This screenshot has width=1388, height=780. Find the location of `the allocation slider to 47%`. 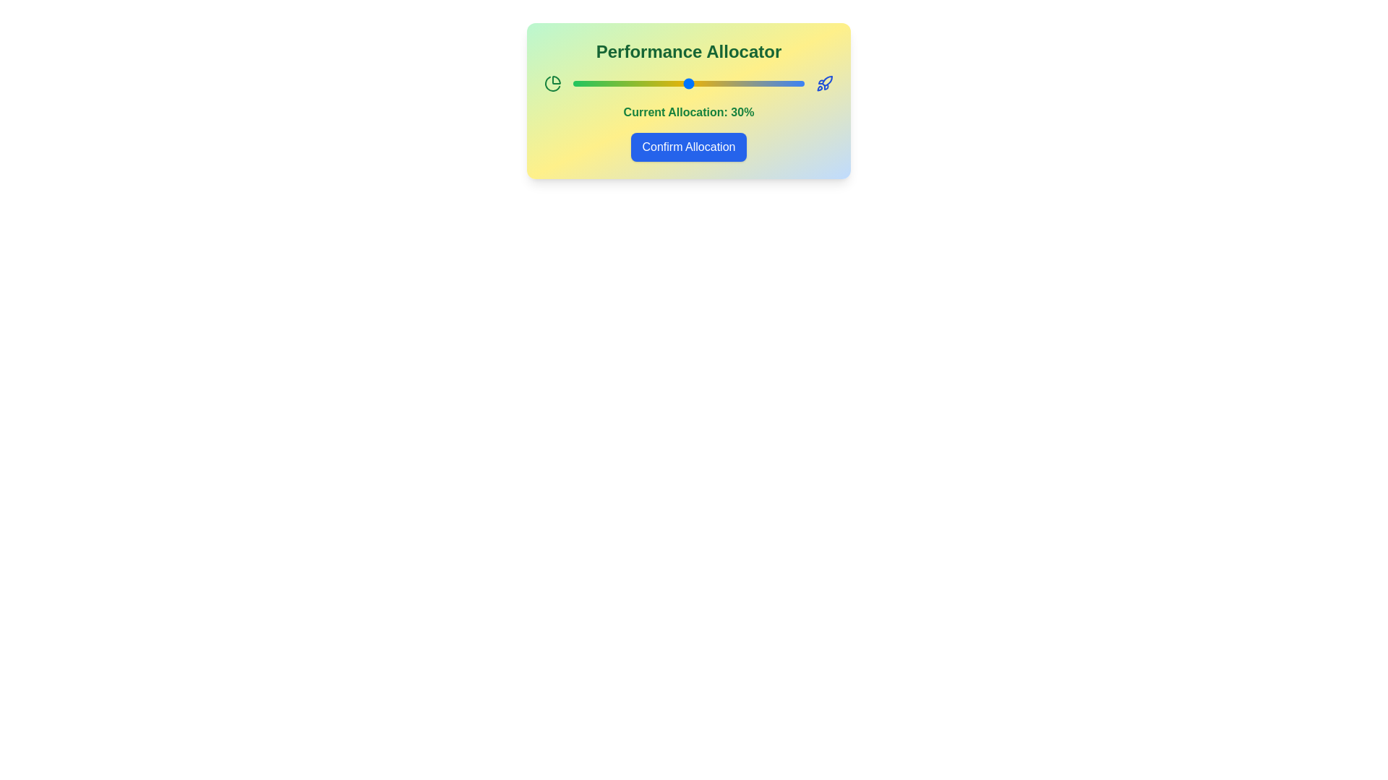

the allocation slider to 47% is located at coordinates (787, 83).